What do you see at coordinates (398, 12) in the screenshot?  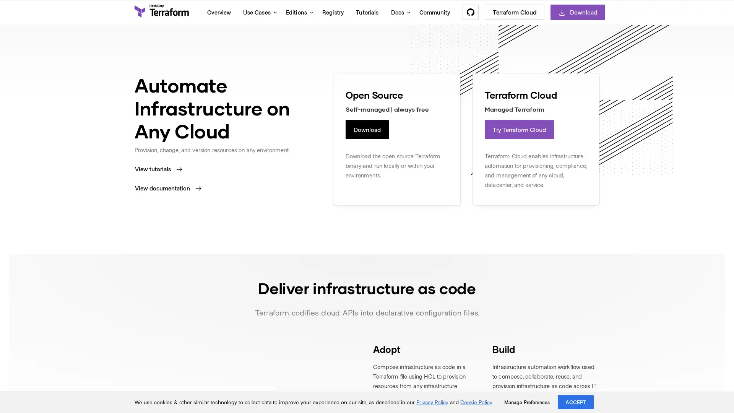 I see `Docs` at bounding box center [398, 12].